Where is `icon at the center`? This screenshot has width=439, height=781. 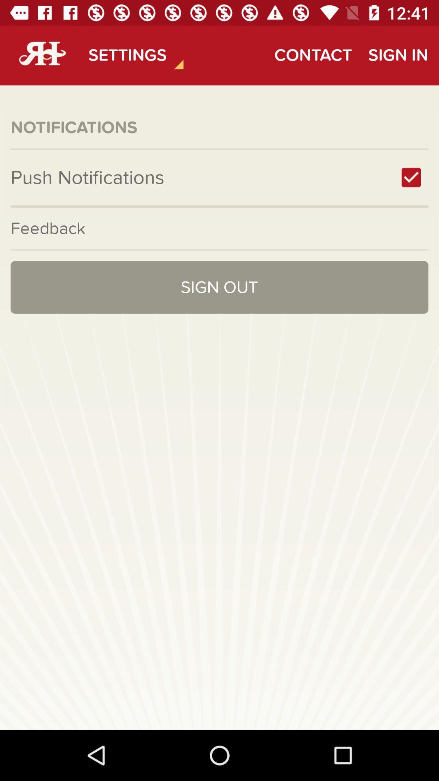
icon at the center is located at coordinates (219, 287).